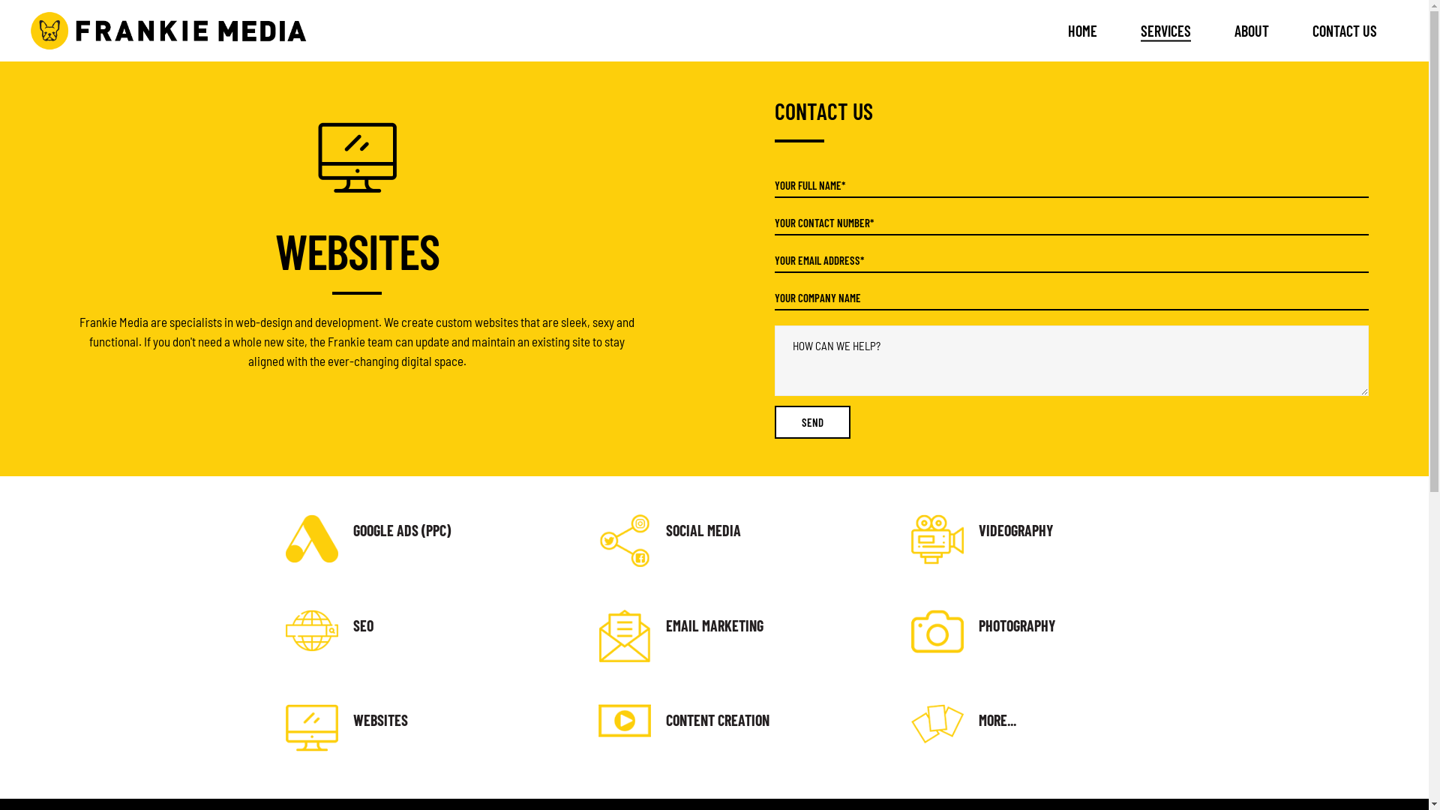 The image size is (1440, 810). Describe the element at coordinates (1252, 31) in the screenshot. I see `'ABOUT'` at that location.